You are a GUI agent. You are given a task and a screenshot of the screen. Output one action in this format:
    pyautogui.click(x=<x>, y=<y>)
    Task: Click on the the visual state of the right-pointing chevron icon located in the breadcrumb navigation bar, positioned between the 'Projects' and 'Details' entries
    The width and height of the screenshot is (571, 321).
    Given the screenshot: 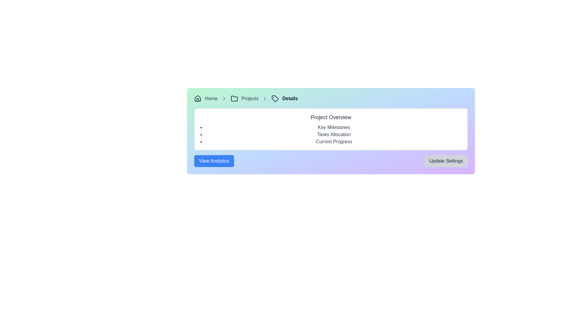 What is the action you would take?
    pyautogui.click(x=265, y=98)
    